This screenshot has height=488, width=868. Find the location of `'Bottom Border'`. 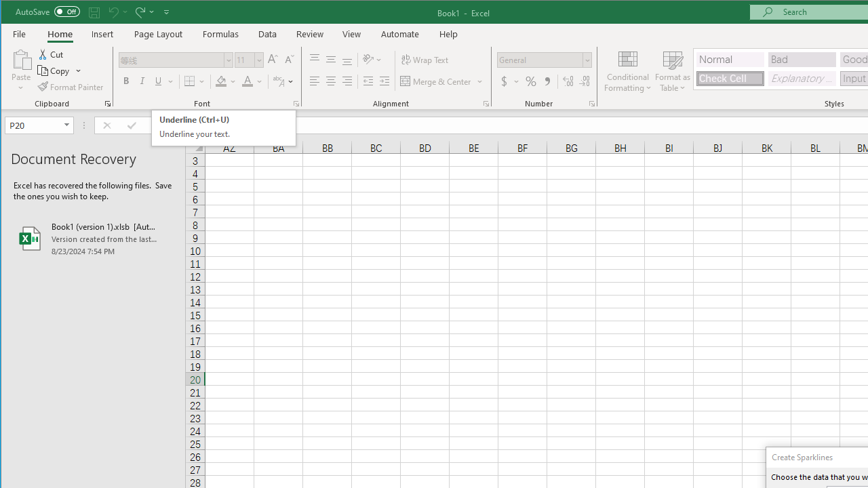

'Bottom Border' is located at coordinates (189, 81).